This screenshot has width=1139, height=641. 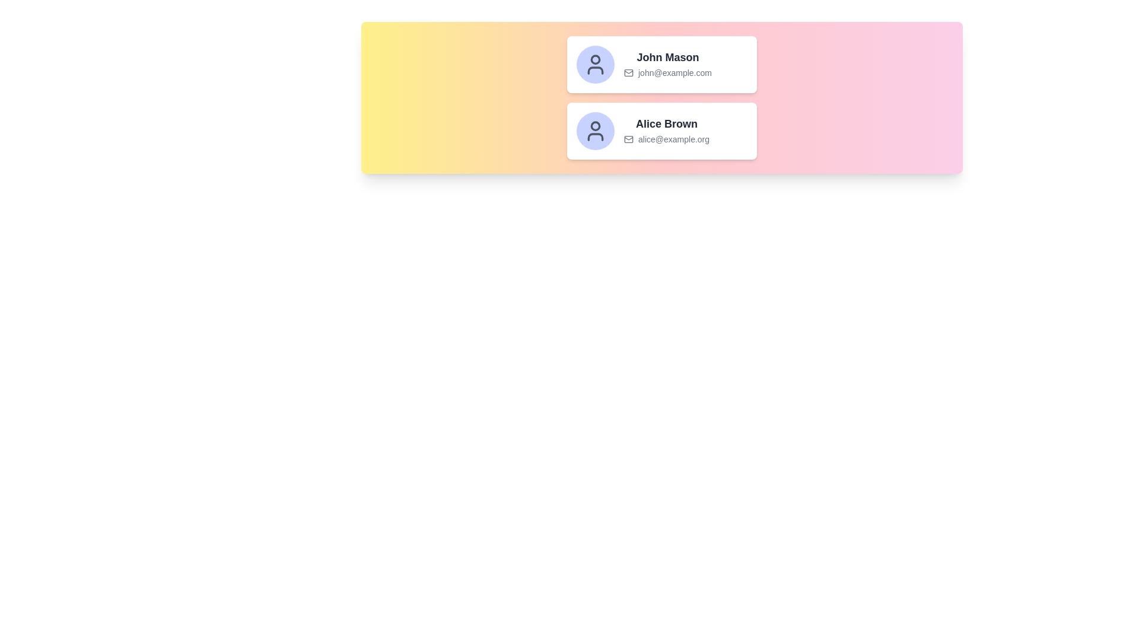 What do you see at coordinates (595, 71) in the screenshot?
I see `the lower part of the SVG user profile icon, which visually represents a human figure and is located below the circular head element` at bounding box center [595, 71].